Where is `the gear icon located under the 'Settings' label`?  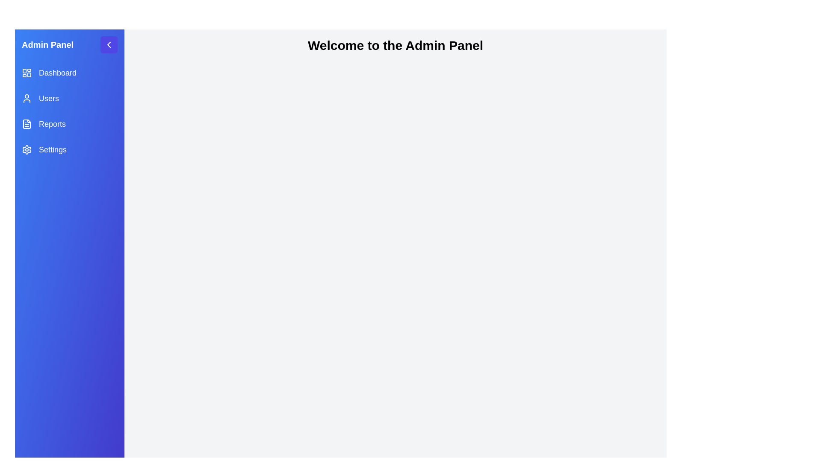
the gear icon located under the 'Settings' label is located at coordinates (27, 149).